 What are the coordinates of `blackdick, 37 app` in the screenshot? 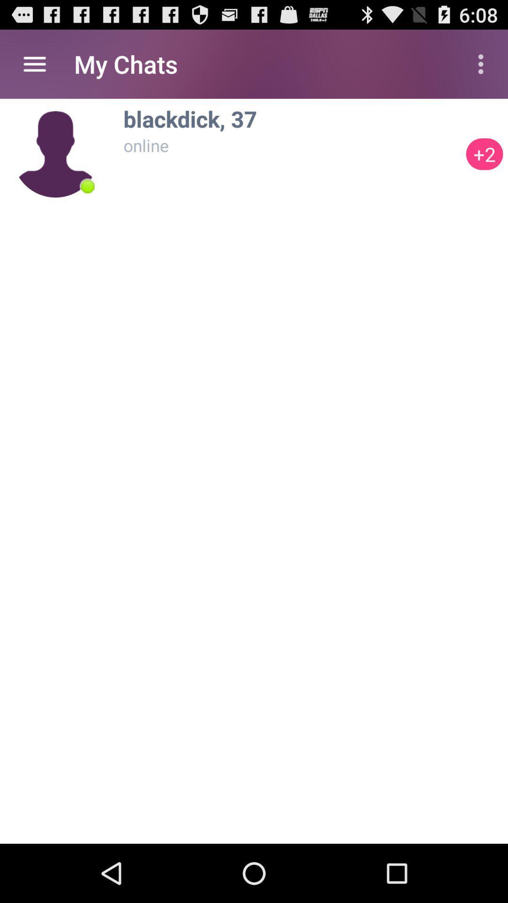 It's located at (292, 118).